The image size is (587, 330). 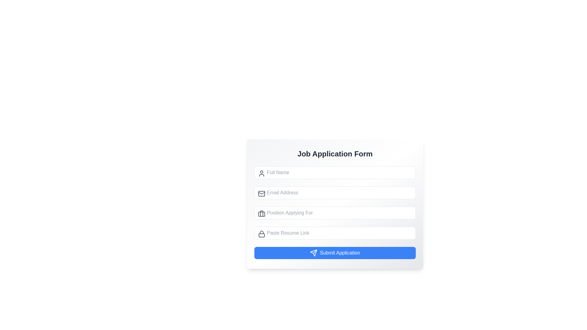 What do you see at coordinates (261, 213) in the screenshot?
I see `the briefcase icon, which is a non-interactive graphical element styled with a minimalist outline, located to the left of the 'Position Applying For' input field` at bounding box center [261, 213].